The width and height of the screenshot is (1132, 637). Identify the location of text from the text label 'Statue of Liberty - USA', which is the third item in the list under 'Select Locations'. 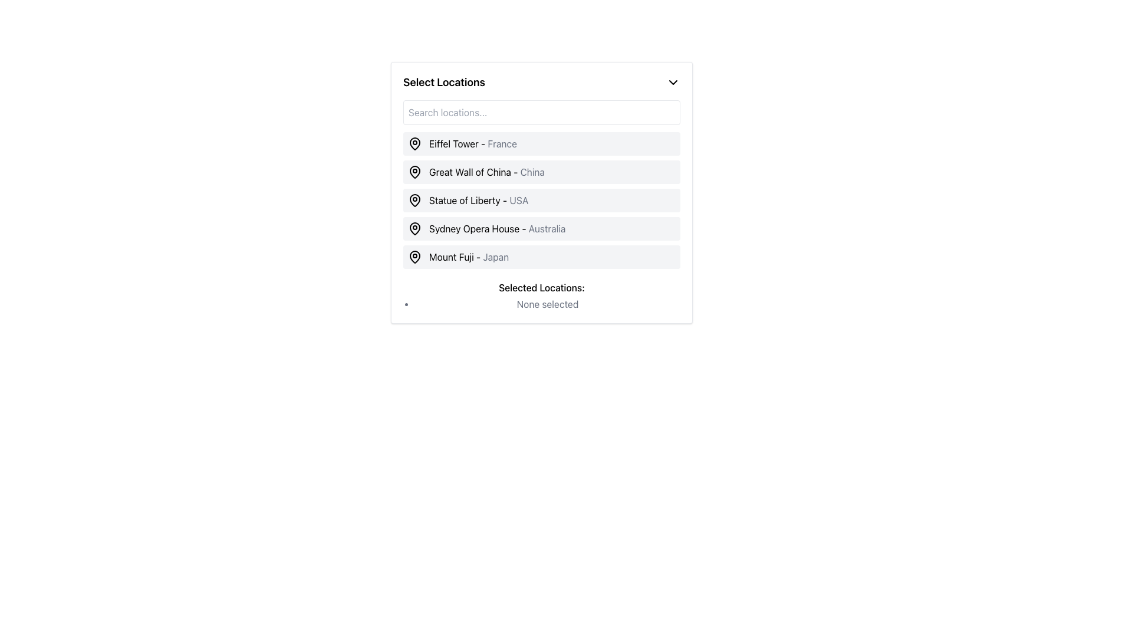
(479, 199).